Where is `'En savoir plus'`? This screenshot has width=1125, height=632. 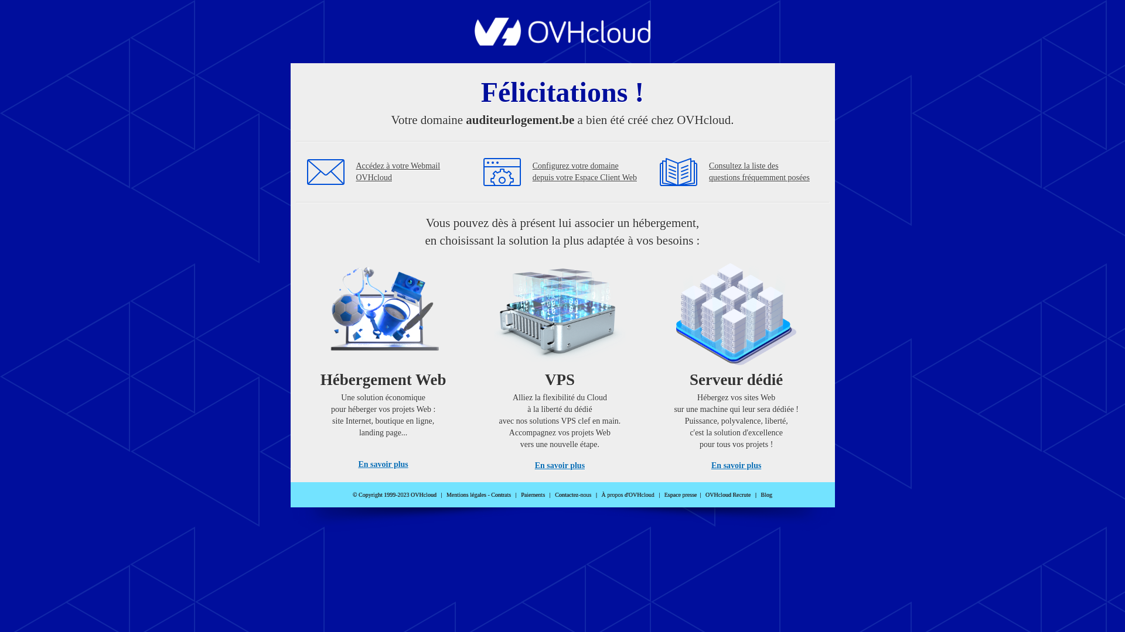
'En savoir plus' is located at coordinates (559, 465).